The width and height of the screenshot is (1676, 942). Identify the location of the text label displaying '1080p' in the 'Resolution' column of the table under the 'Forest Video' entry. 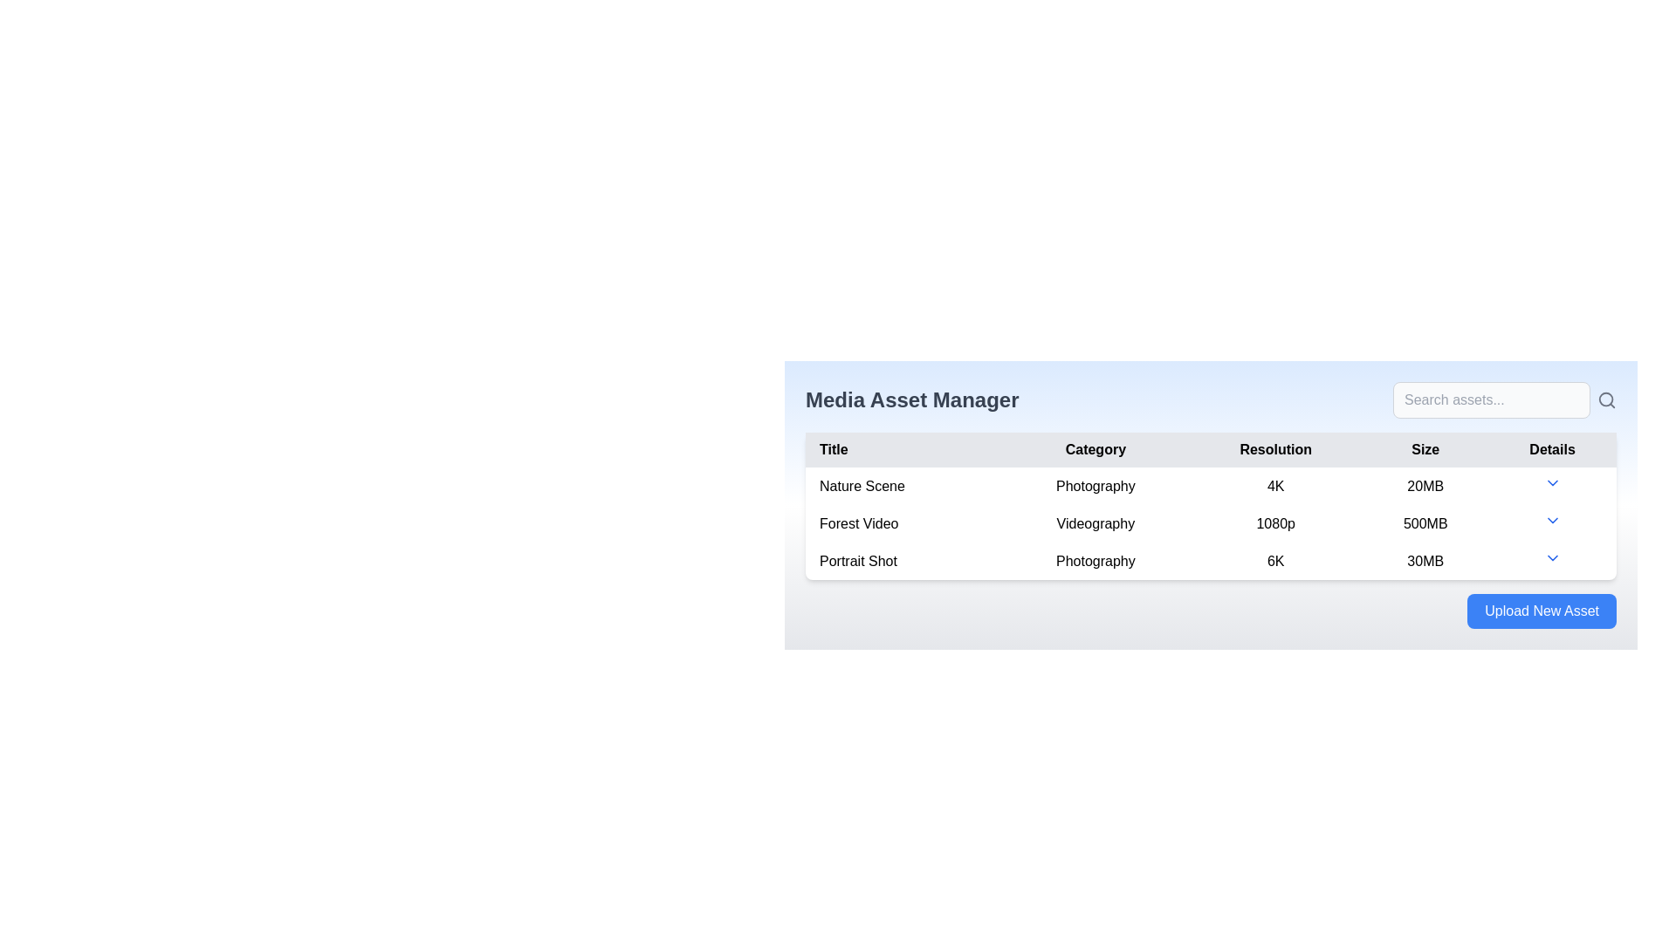
(1275, 522).